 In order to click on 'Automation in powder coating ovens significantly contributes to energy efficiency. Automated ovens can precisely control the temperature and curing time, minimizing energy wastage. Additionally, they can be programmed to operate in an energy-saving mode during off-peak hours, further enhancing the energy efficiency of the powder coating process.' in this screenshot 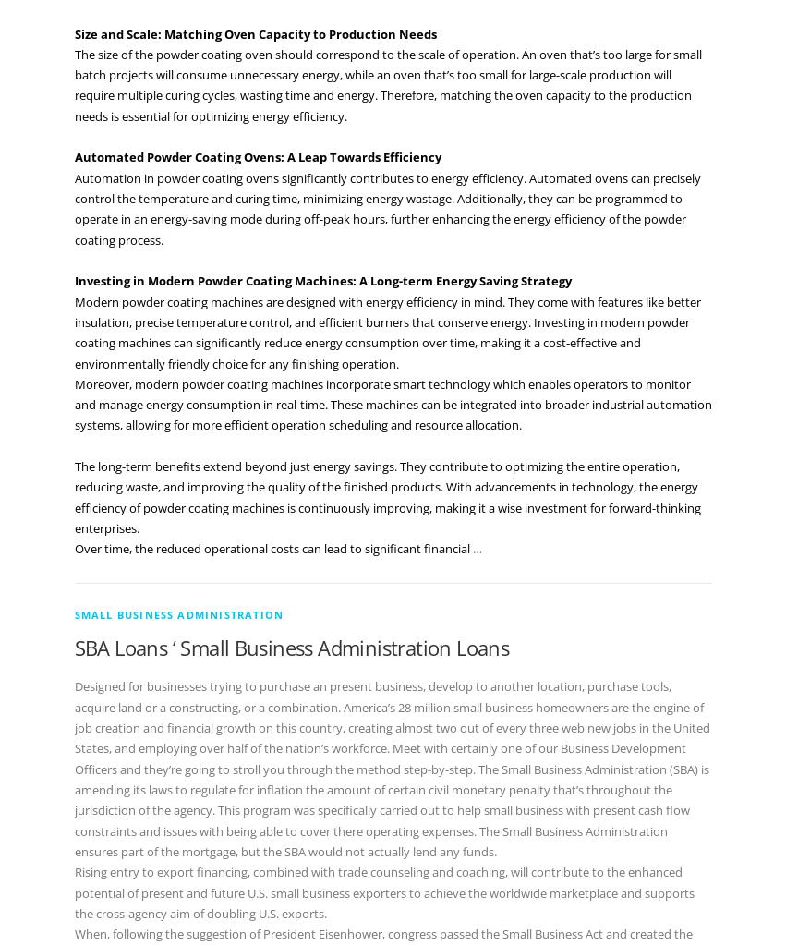, I will do `click(386, 207)`.